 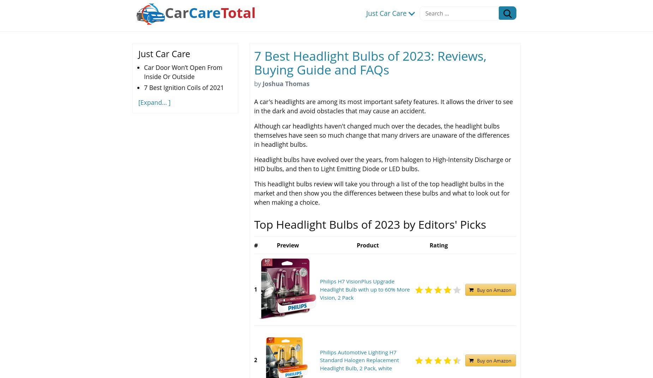 I want to click on 'Rating', so click(x=438, y=245).